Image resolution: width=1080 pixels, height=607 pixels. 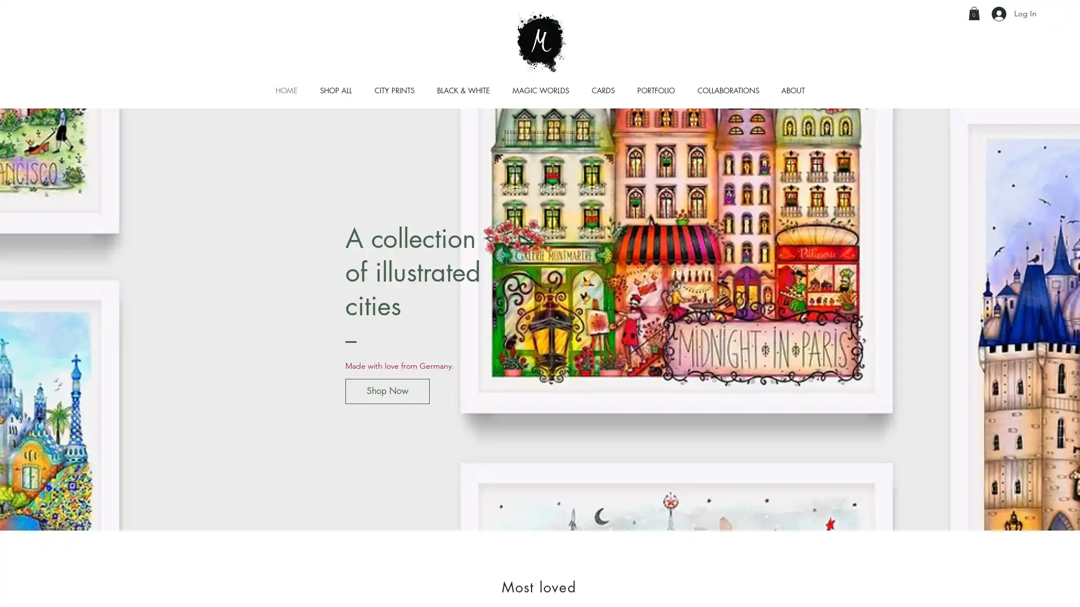 I want to click on Cart with 0 items, so click(x=974, y=13).